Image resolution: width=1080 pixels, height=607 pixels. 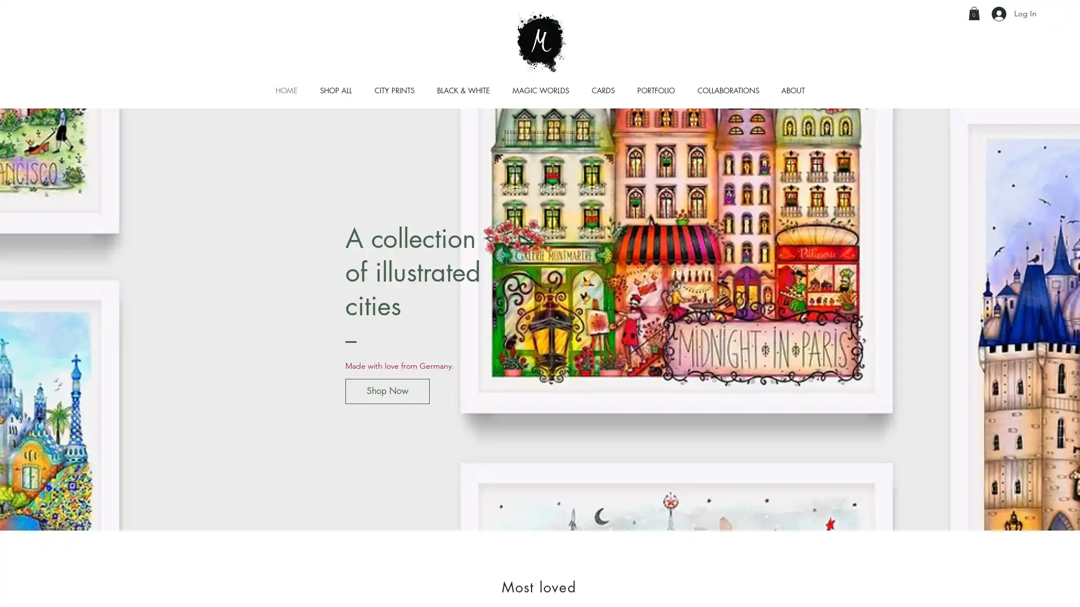 I want to click on Cart with 0 items, so click(x=974, y=13).